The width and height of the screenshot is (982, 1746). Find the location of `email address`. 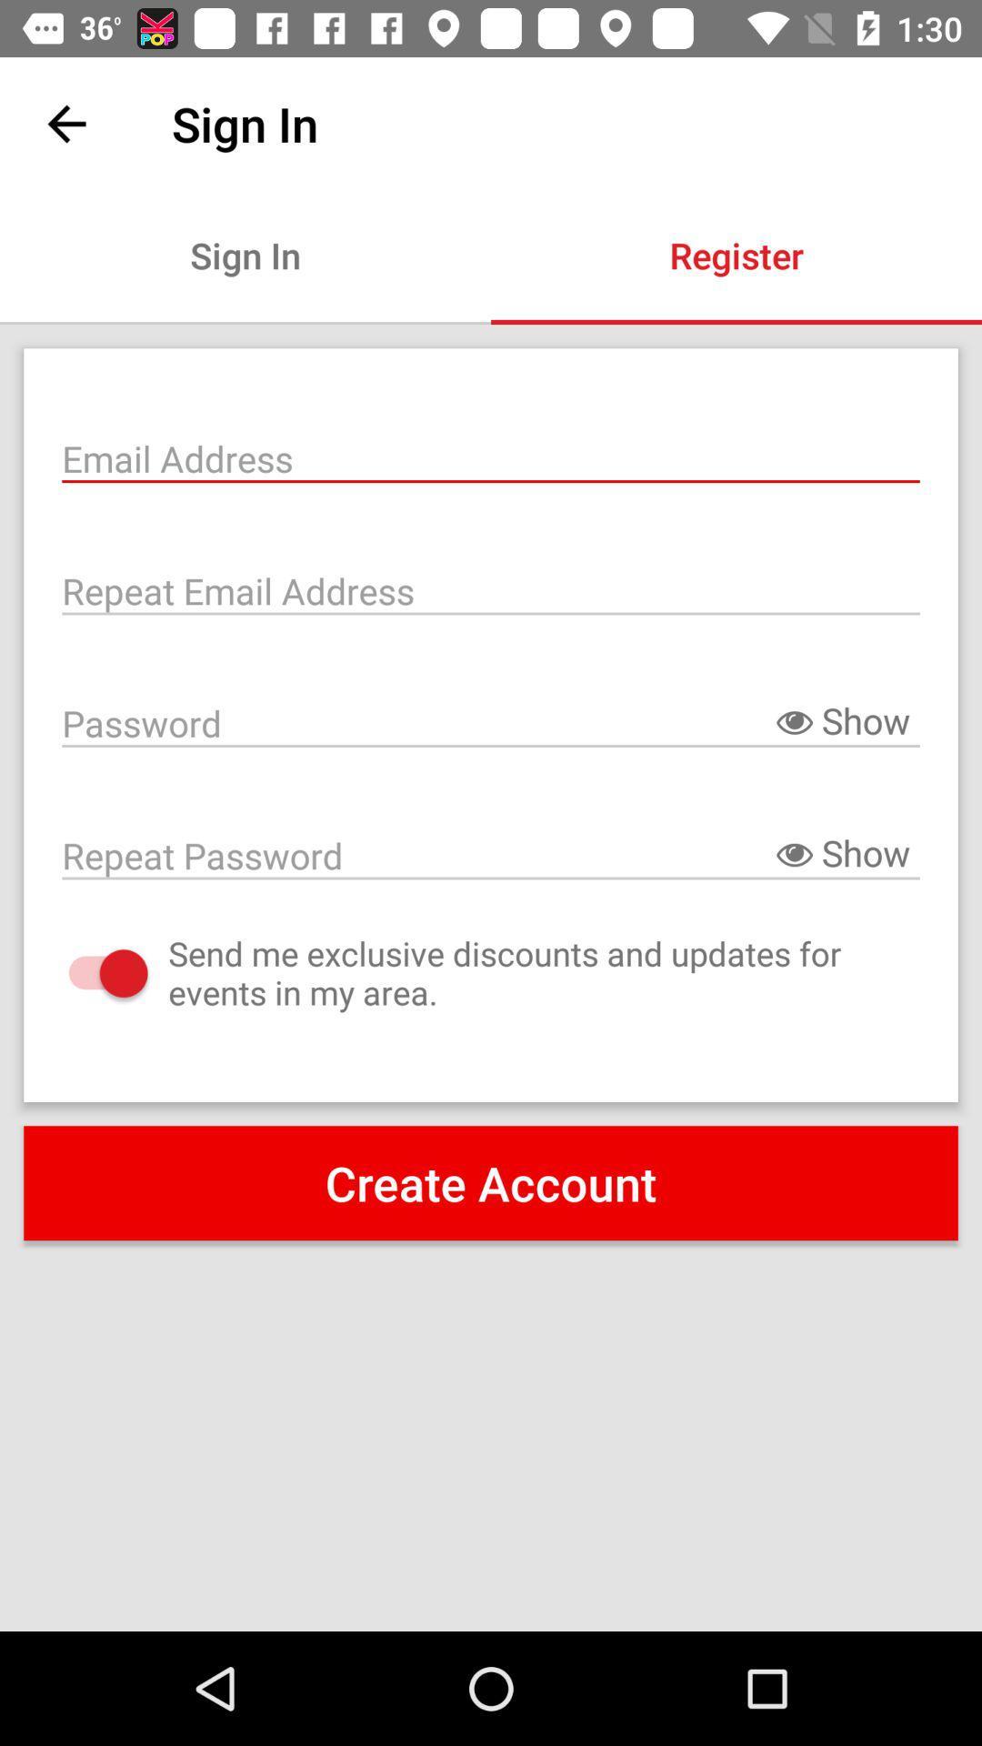

email address is located at coordinates (491, 457).